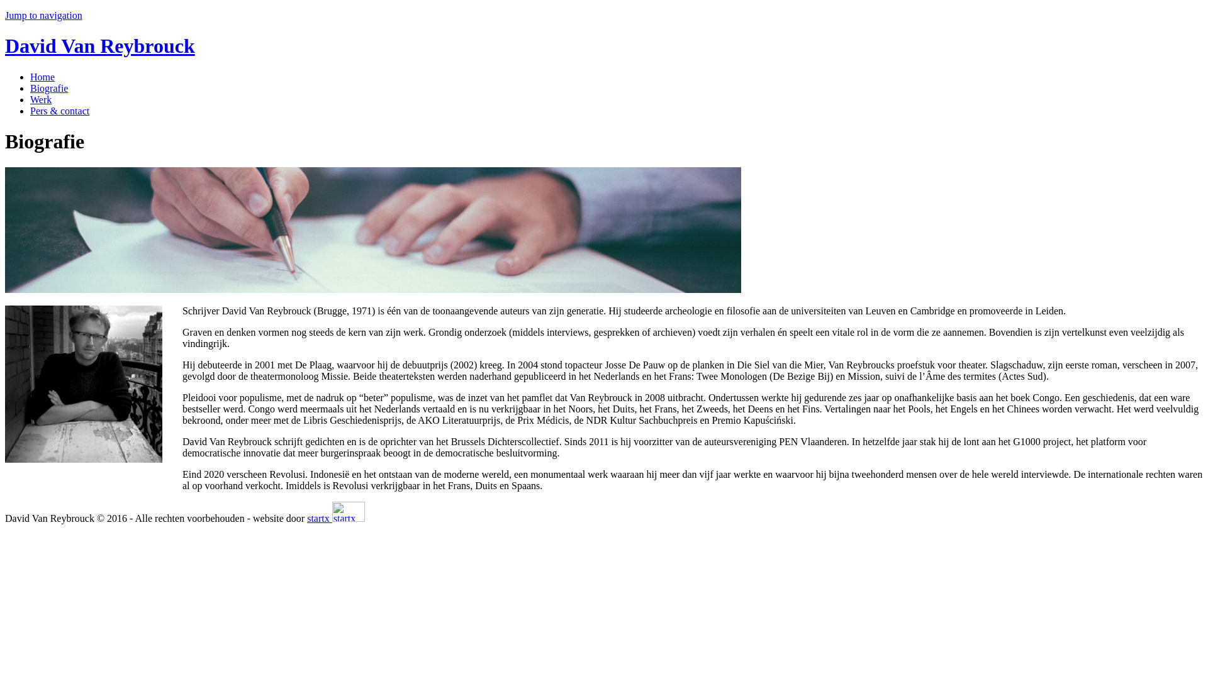 This screenshot has height=679, width=1208. What do you see at coordinates (30, 87) in the screenshot?
I see `'Biografie'` at bounding box center [30, 87].